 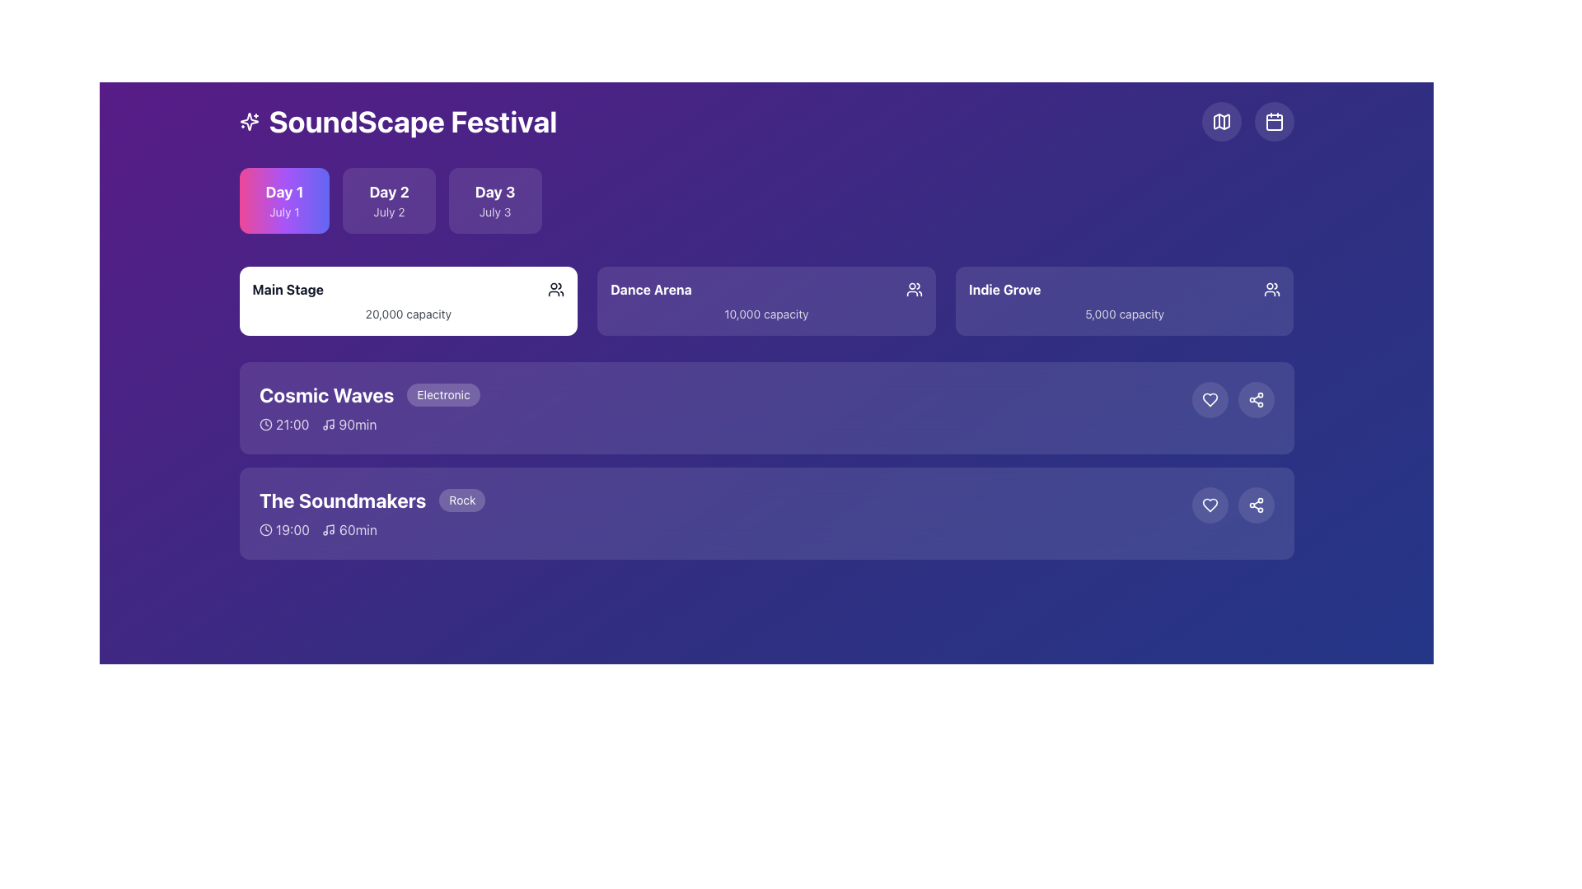 I want to click on 'Day 1' text label located in the first tab segment of the interface, which helps users identify the selected day of the event, so click(x=284, y=192).